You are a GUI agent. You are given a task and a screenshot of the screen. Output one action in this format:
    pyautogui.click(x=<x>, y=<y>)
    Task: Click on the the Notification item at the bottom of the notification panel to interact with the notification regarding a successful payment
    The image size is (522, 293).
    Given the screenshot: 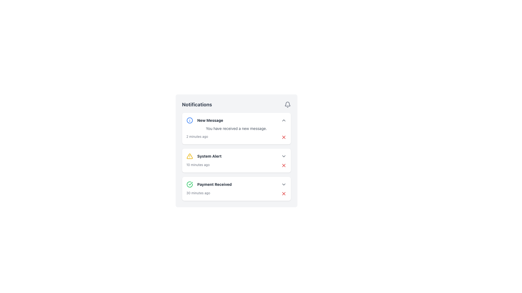 What is the action you would take?
    pyautogui.click(x=209, y=184)
    